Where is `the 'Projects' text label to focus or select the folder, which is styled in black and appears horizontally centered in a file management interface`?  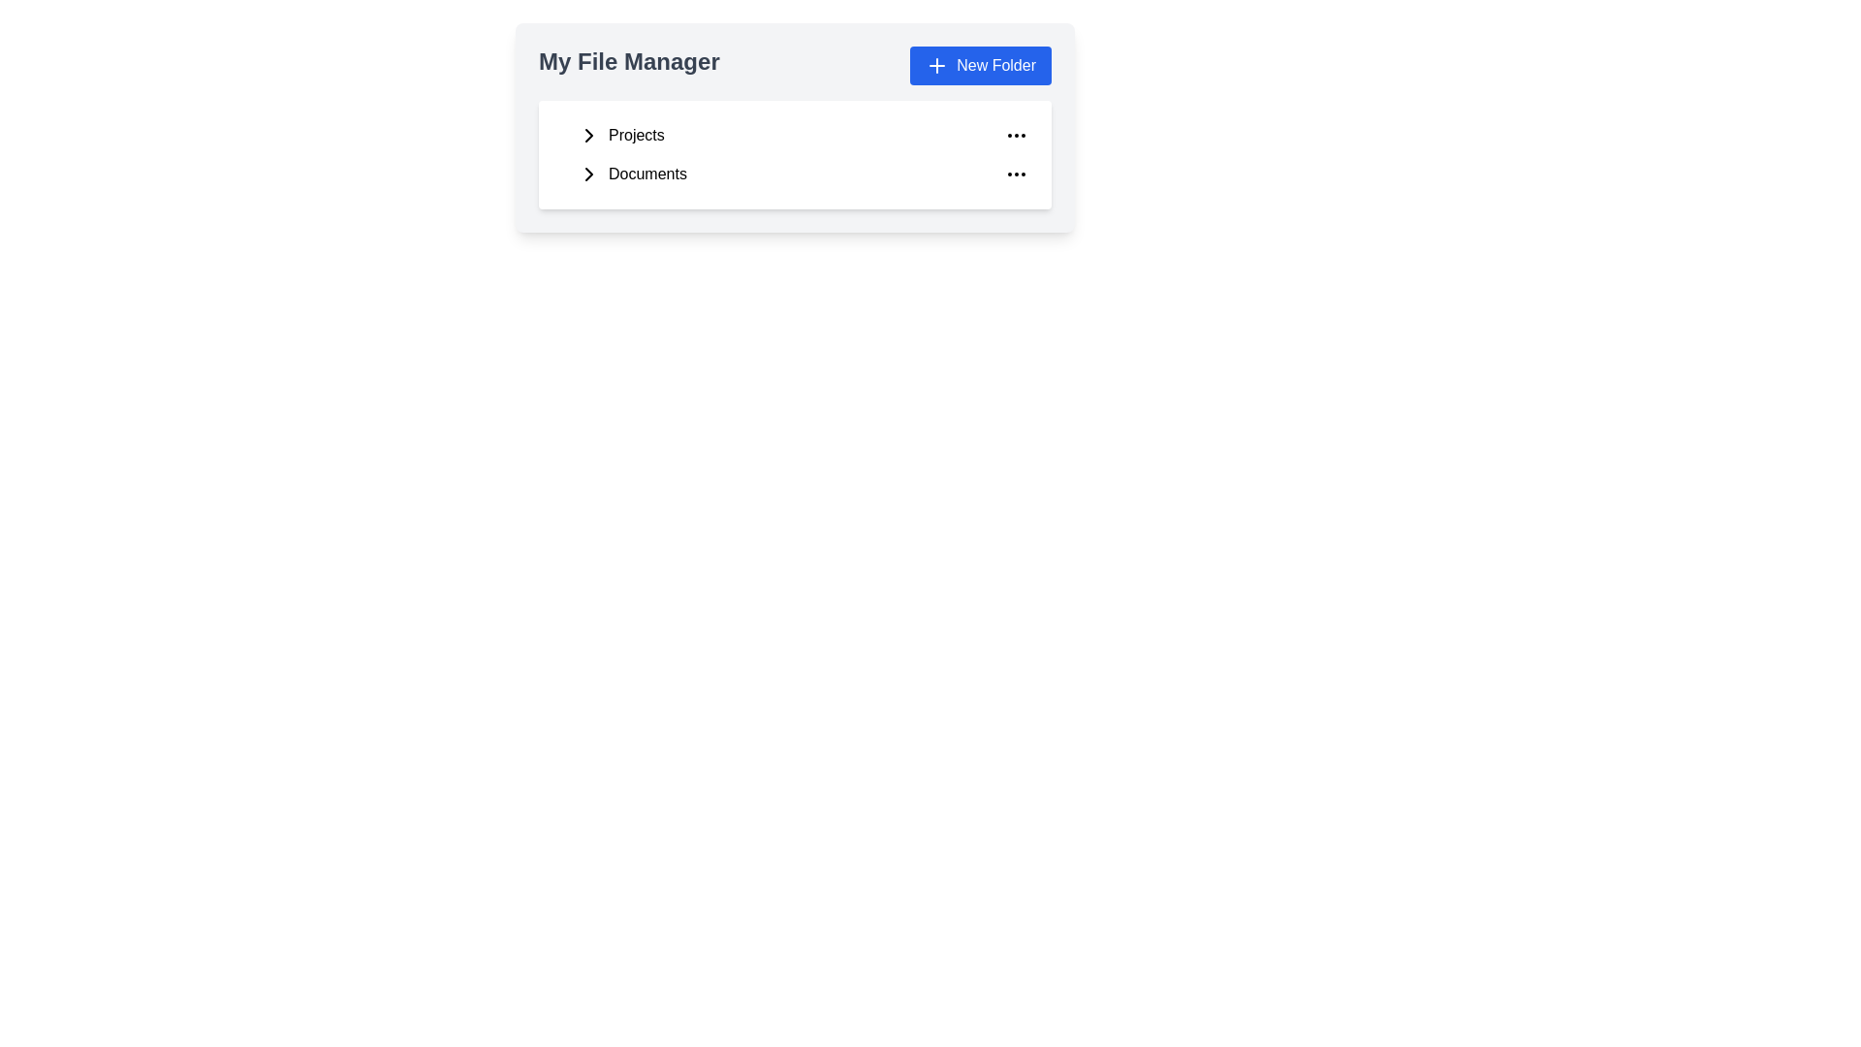
the 'Projects' text label to focus or select the folder, which is styled in black and appears horizontally centered in a file management interface is located at coordinates (636, 134).